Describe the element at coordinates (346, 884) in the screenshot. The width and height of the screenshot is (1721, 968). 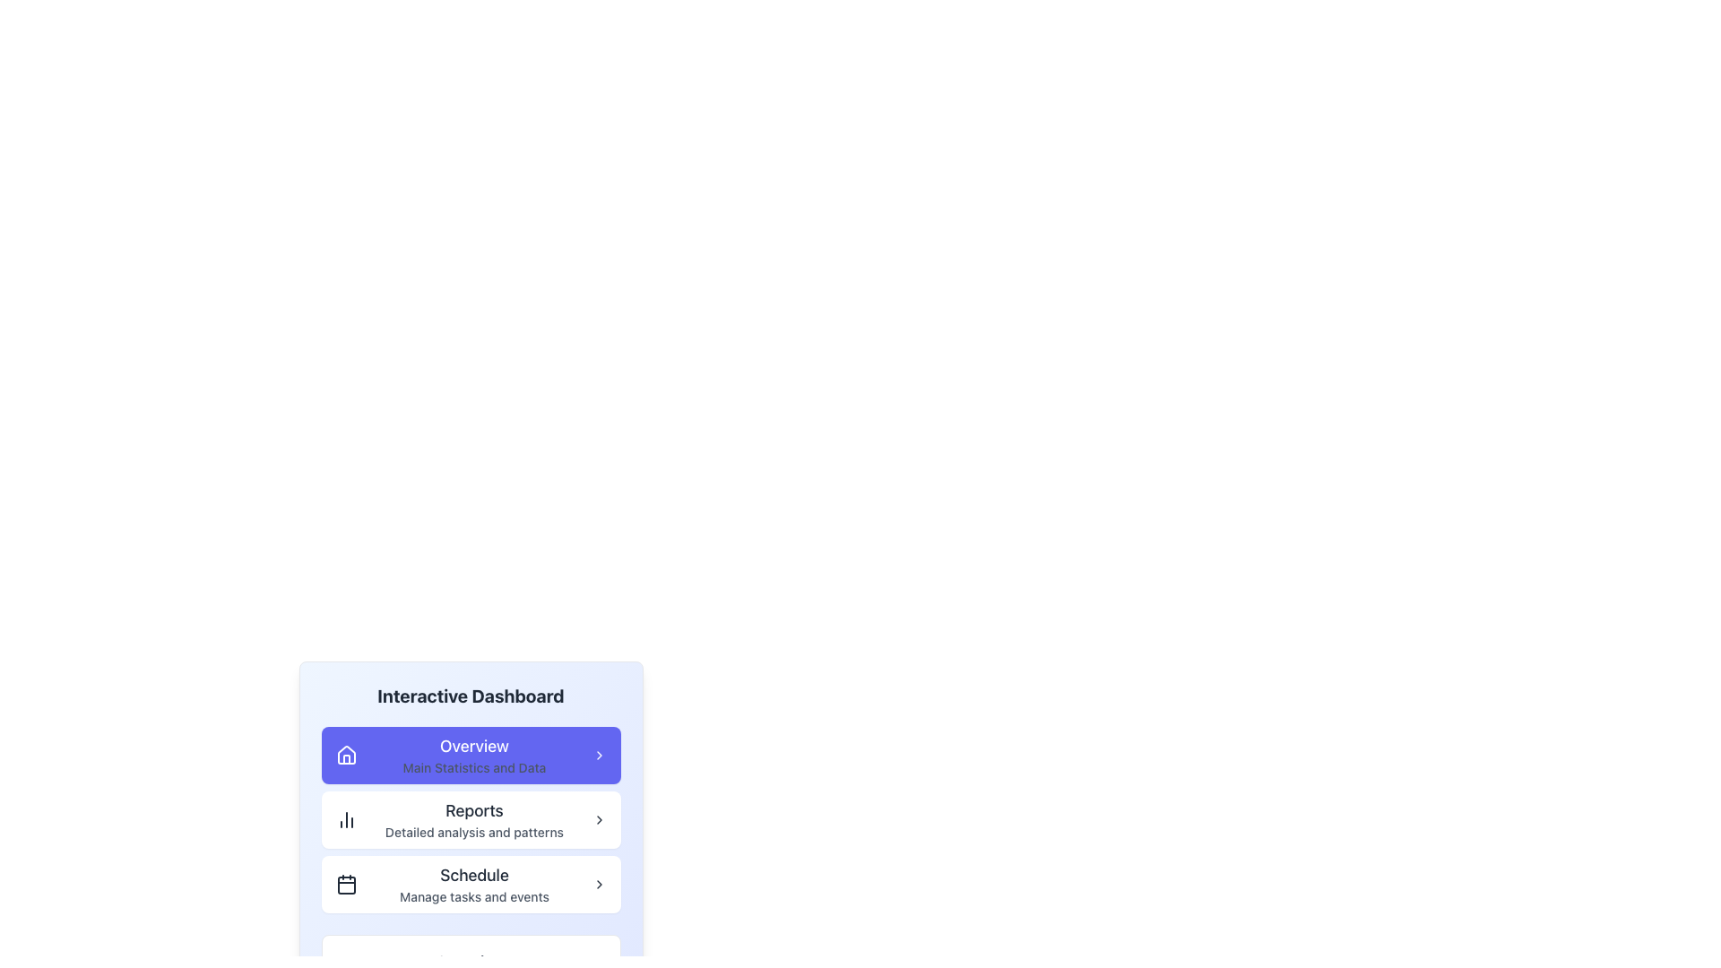
I see `the SVG rectangle that is part of the calendar icon in the 'Schedule' entry of the sidebar menu, located below the 'Reports' entry` at that location.